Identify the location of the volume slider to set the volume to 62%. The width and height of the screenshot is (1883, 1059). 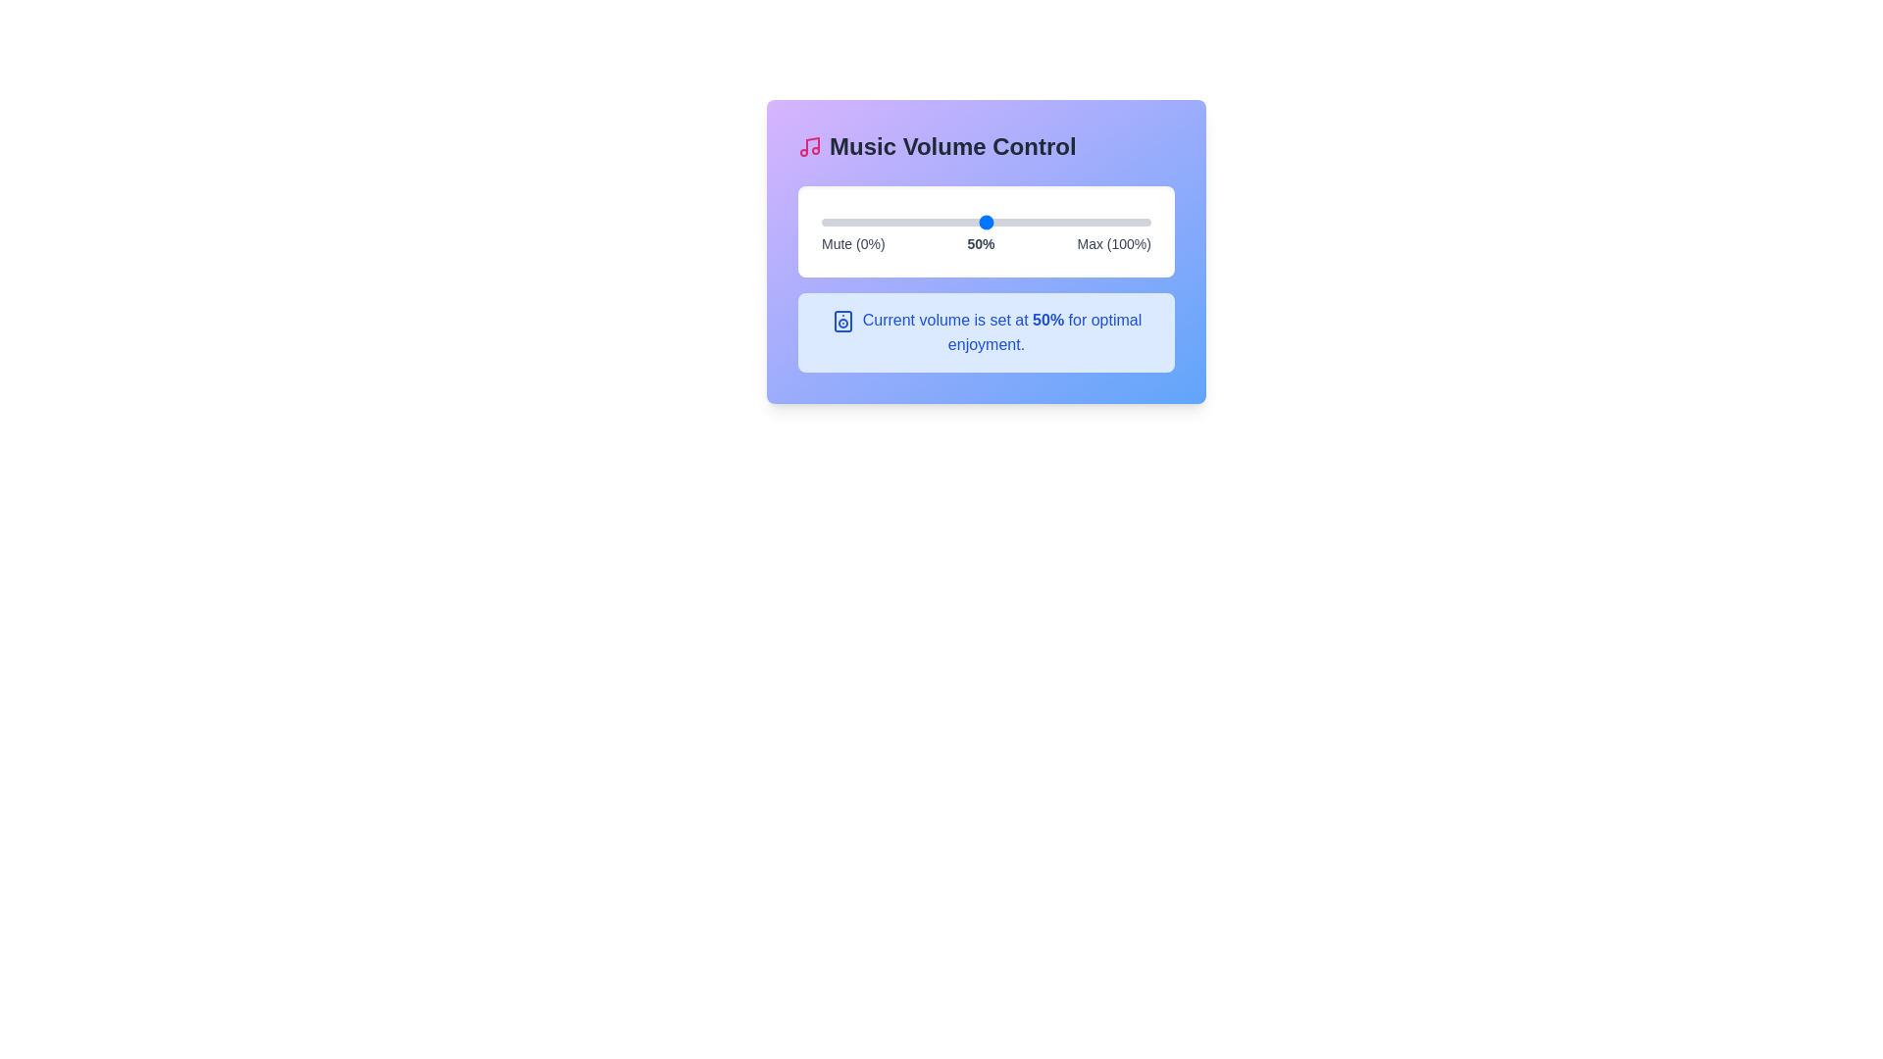
(1025, 222).